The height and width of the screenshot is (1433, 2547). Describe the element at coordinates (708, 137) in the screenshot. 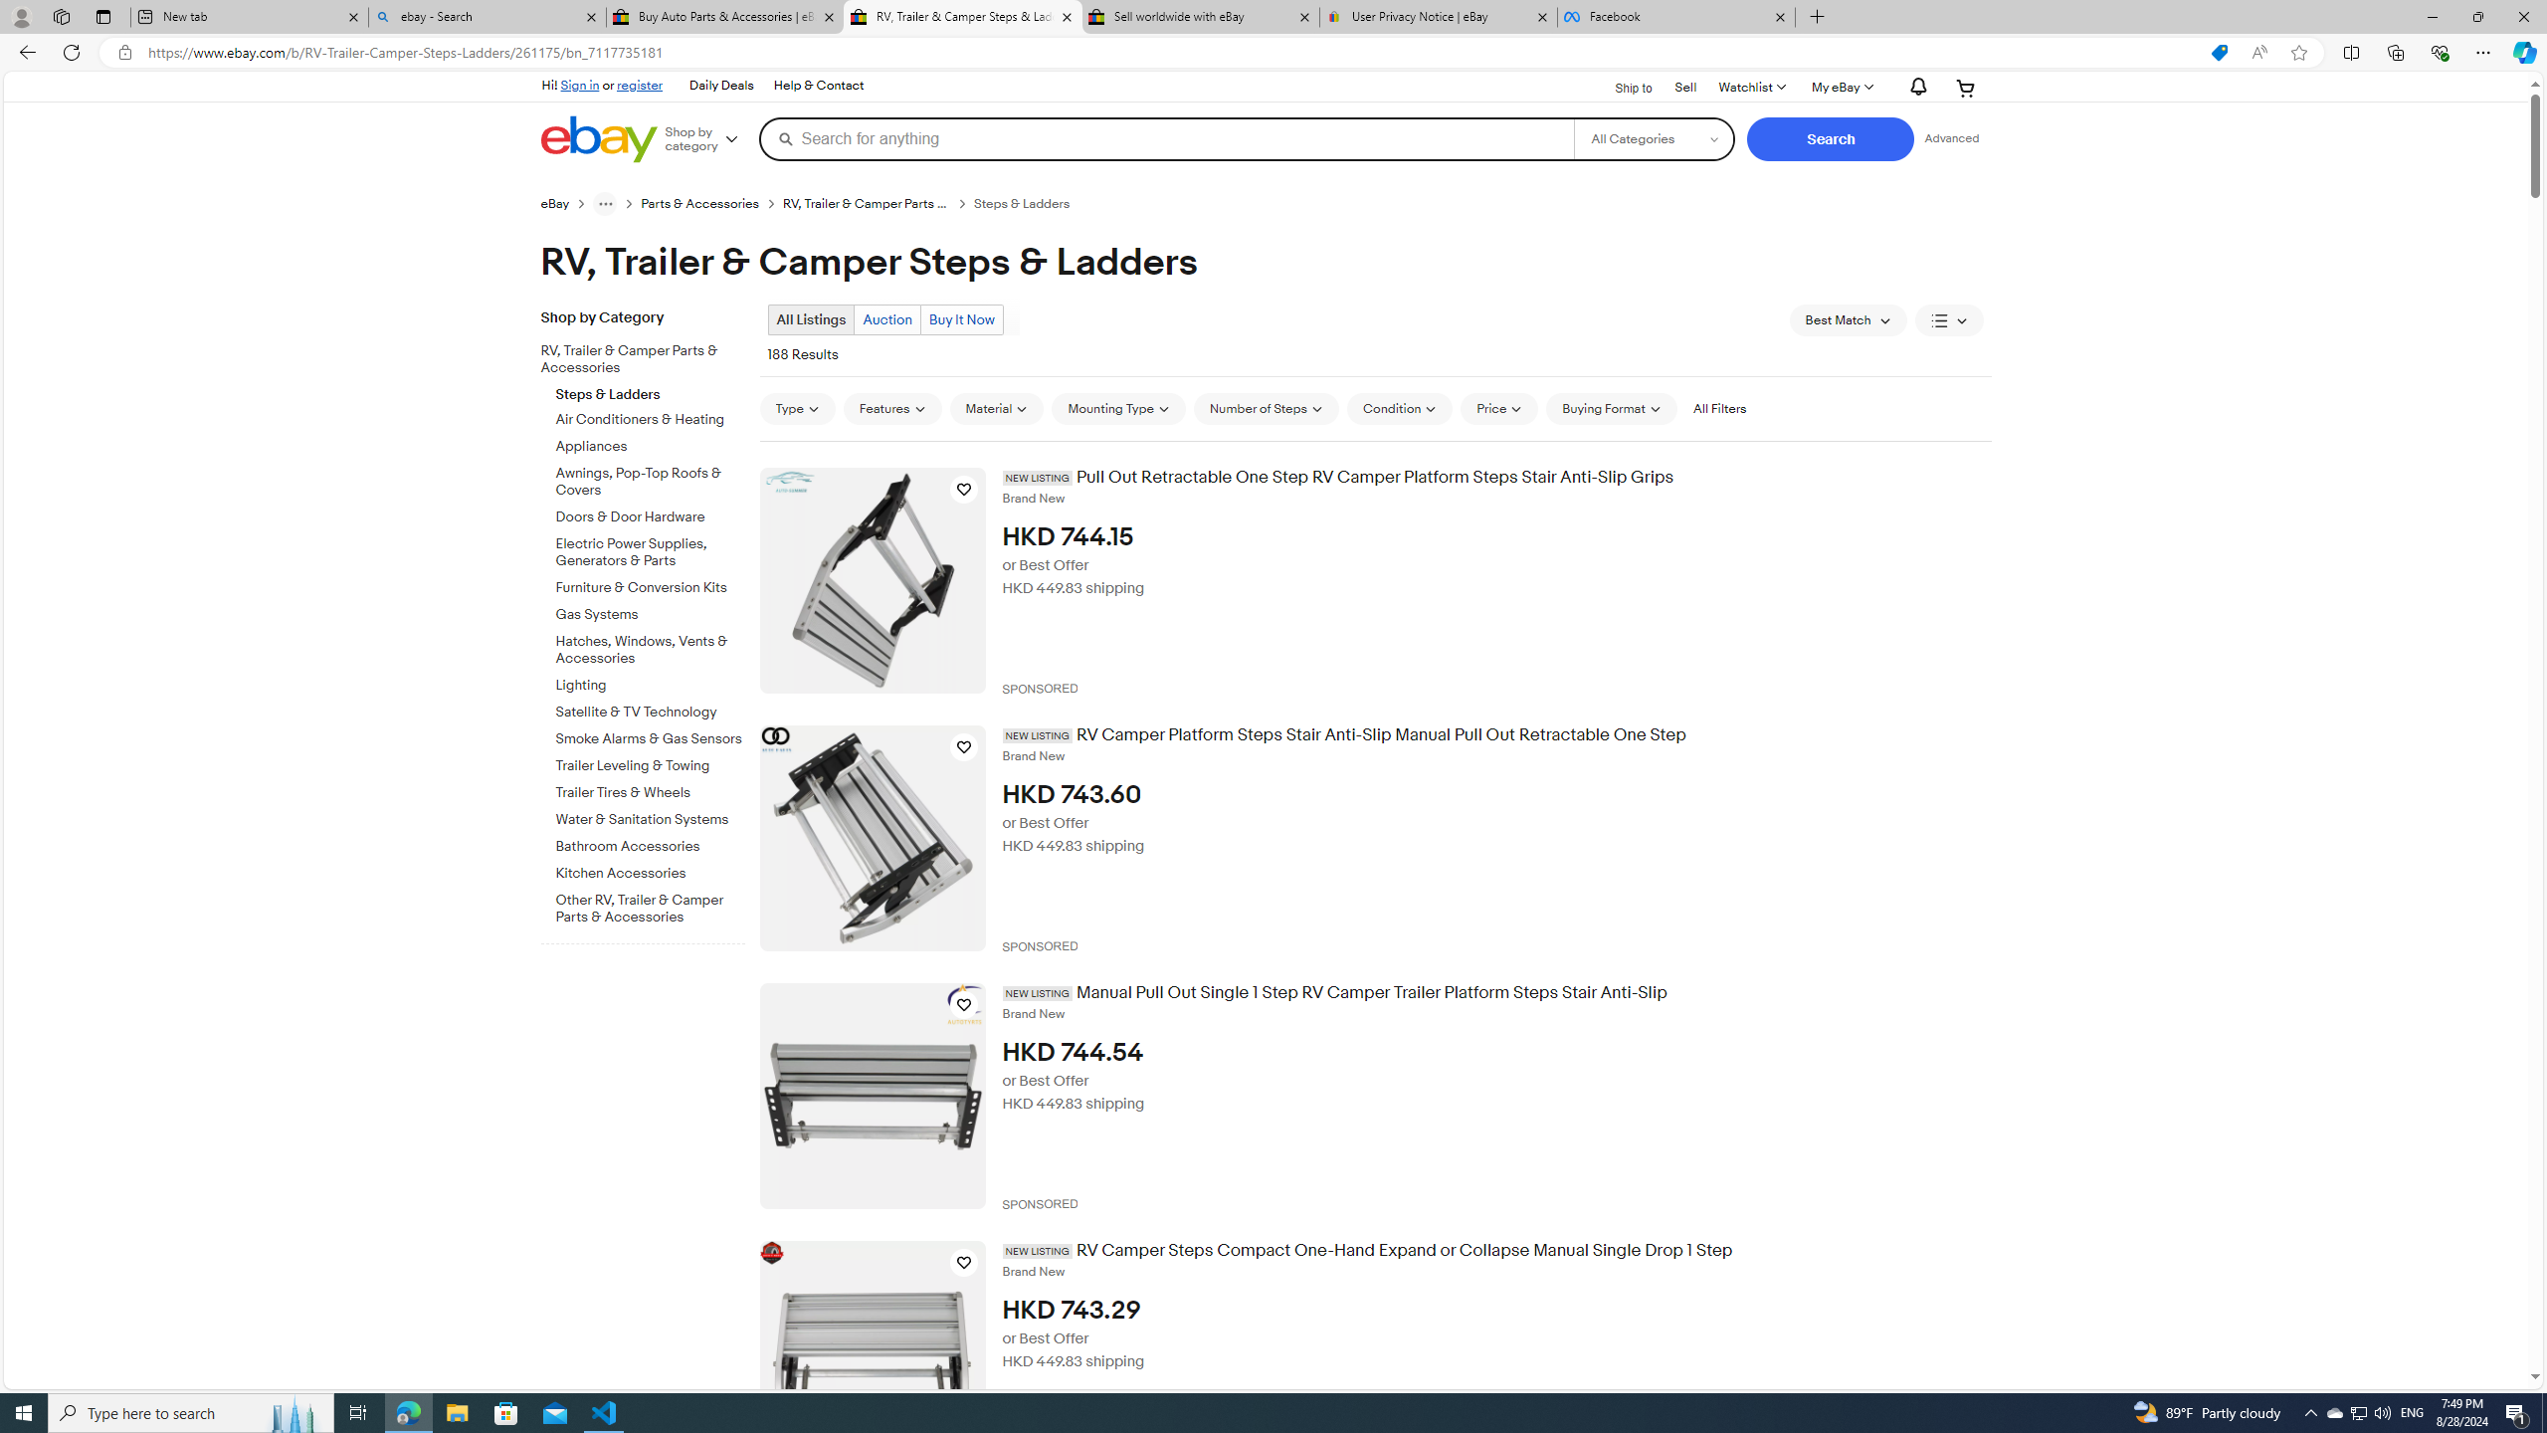

I see `'Shop by category'` at that location.